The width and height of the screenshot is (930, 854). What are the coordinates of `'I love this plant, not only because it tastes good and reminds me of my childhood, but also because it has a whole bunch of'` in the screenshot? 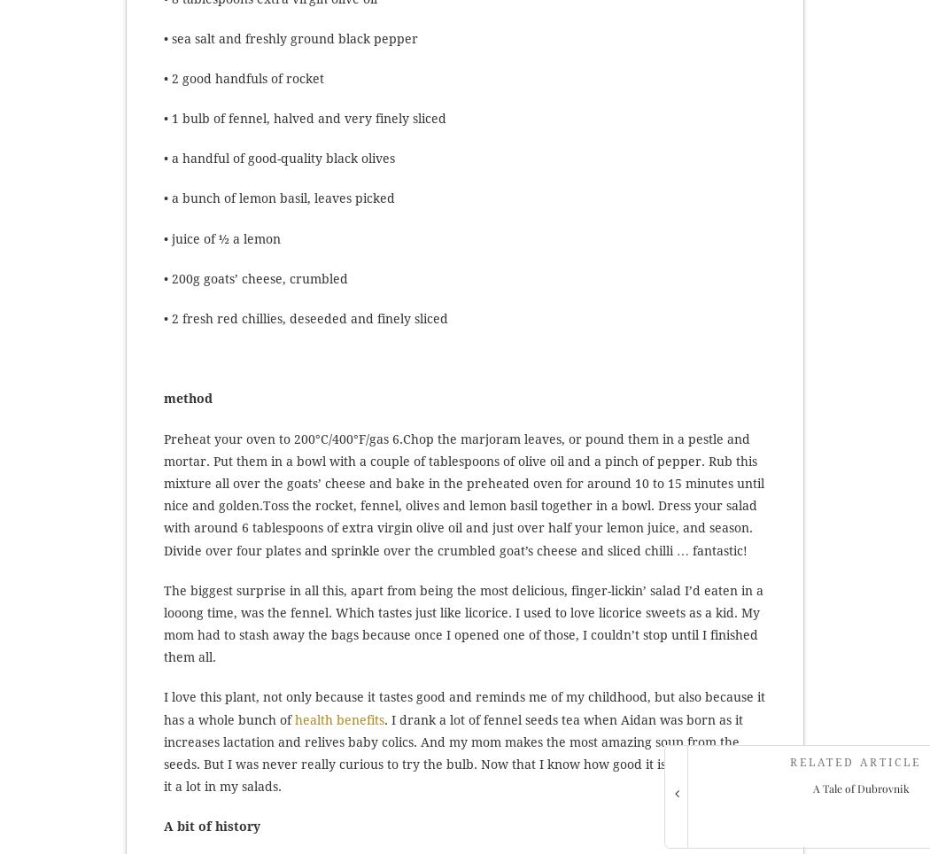 It's located at (164, 708).